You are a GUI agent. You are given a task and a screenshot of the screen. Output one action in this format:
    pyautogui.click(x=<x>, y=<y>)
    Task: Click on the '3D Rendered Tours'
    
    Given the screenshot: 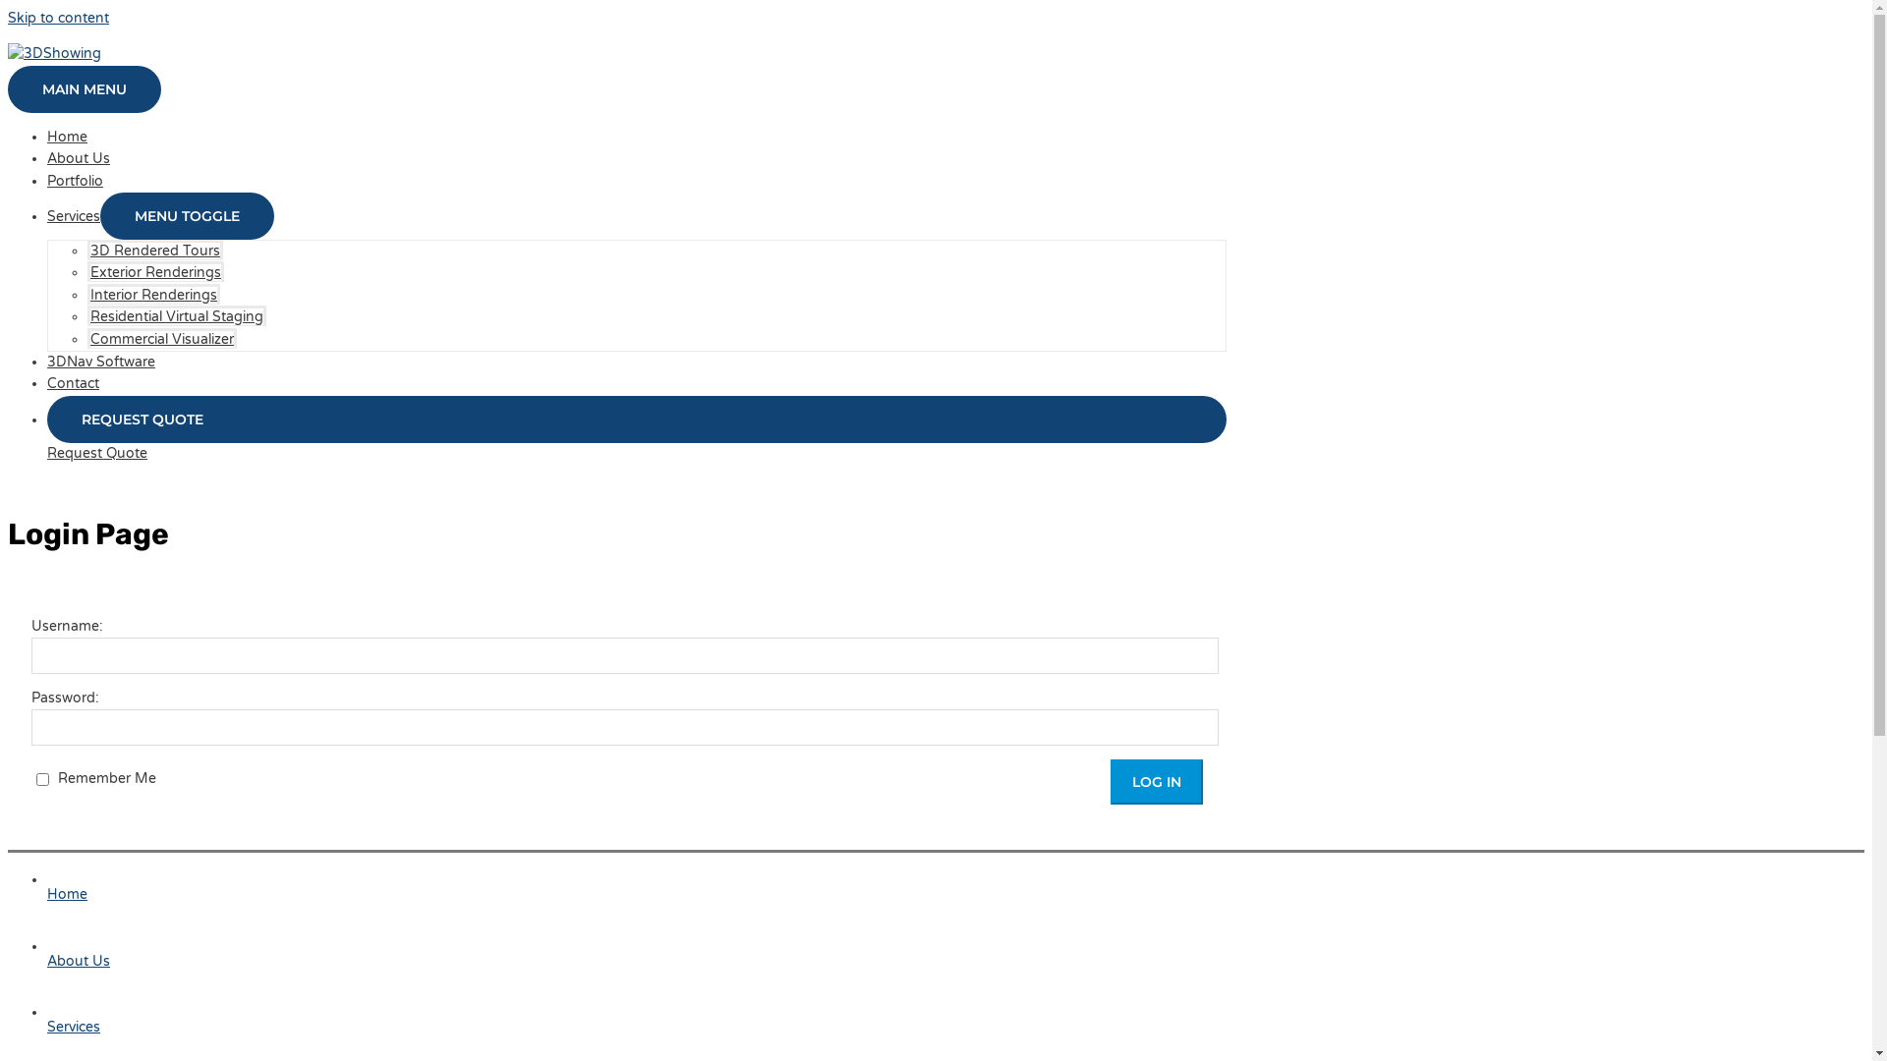 What is the action you would take?
    pyautogui.click(x=154, y=249)
    